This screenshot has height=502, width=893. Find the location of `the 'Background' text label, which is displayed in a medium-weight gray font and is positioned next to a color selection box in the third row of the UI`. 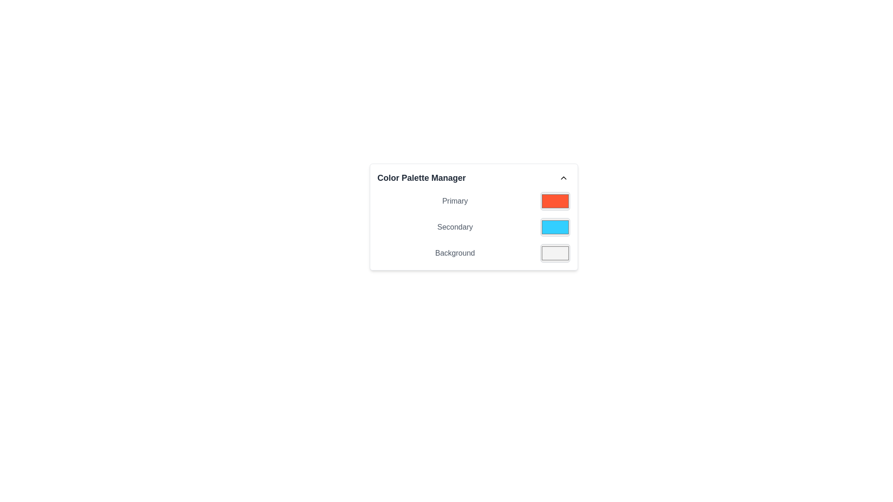

the 'Background' text label, which is displayed in a medium-weight gray font and is positioned next to a color selection box in the third row of the UI is located at coordinates (455, 253).